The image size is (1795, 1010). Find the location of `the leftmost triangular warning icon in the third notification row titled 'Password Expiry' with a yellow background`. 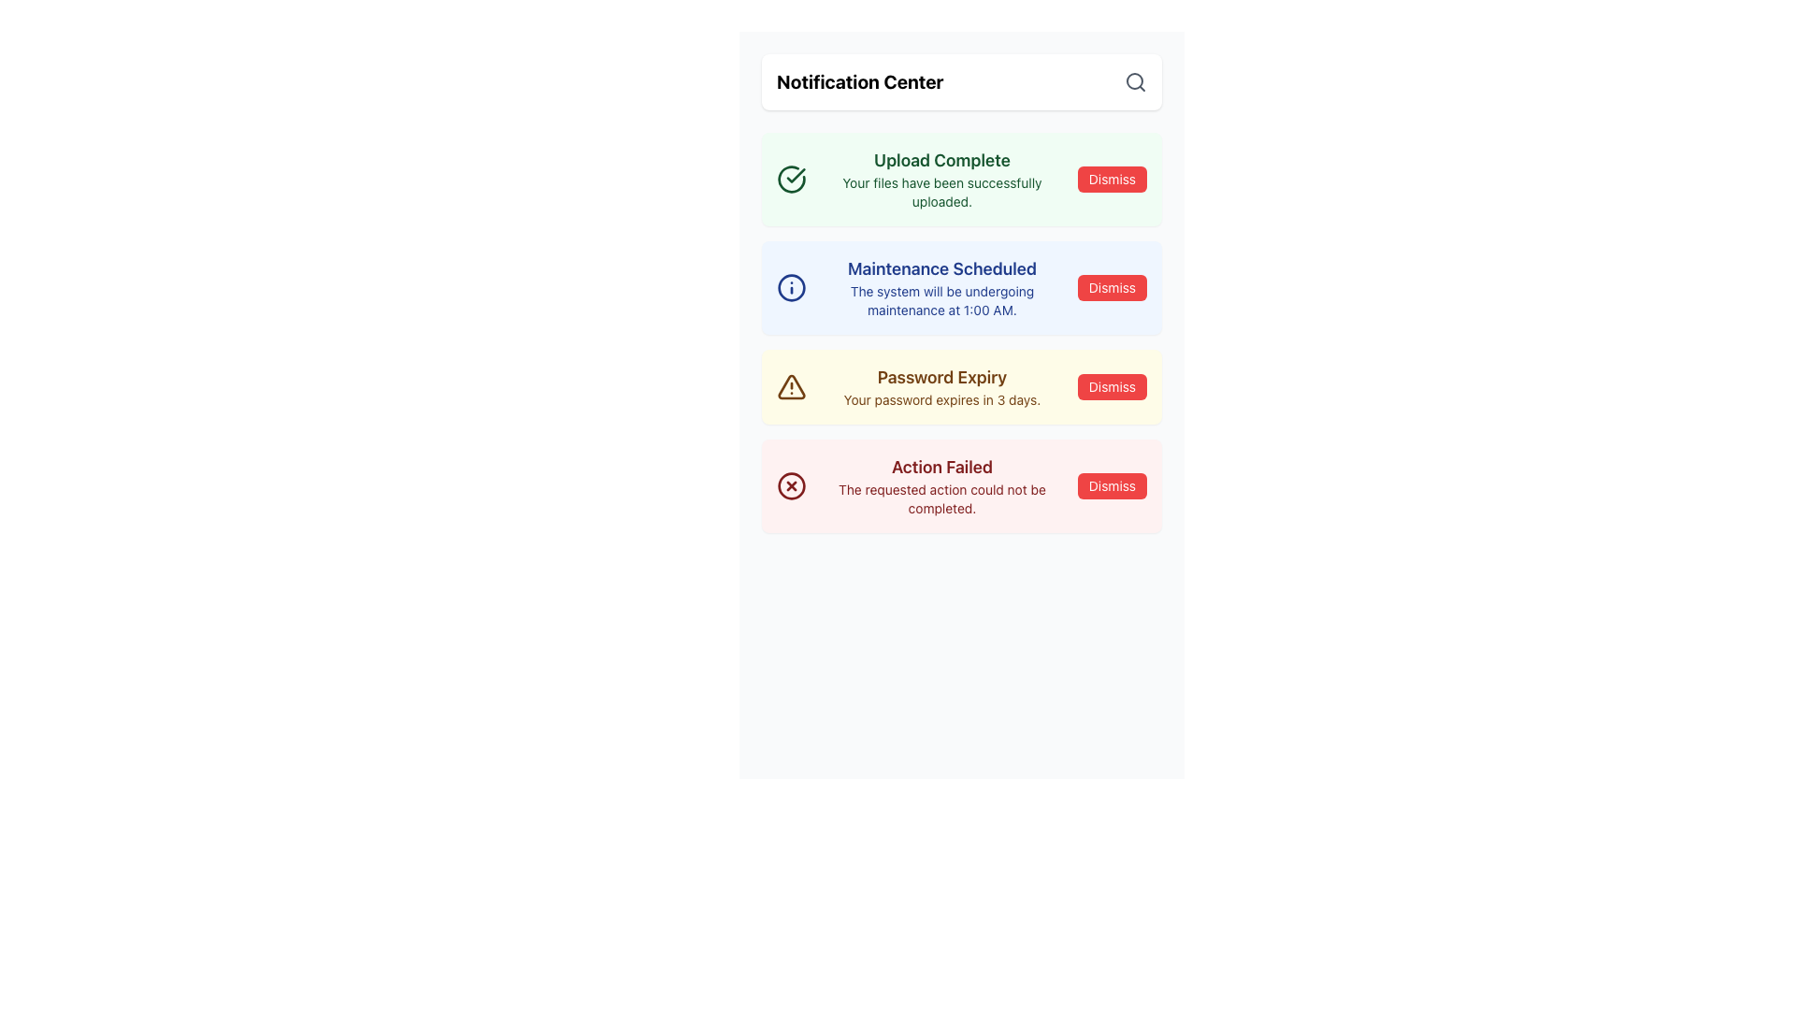

the leftmost triangular warning icon in the third notification row titled 'Password Expiry' with a yellow background is located at coordinates (791, 385).